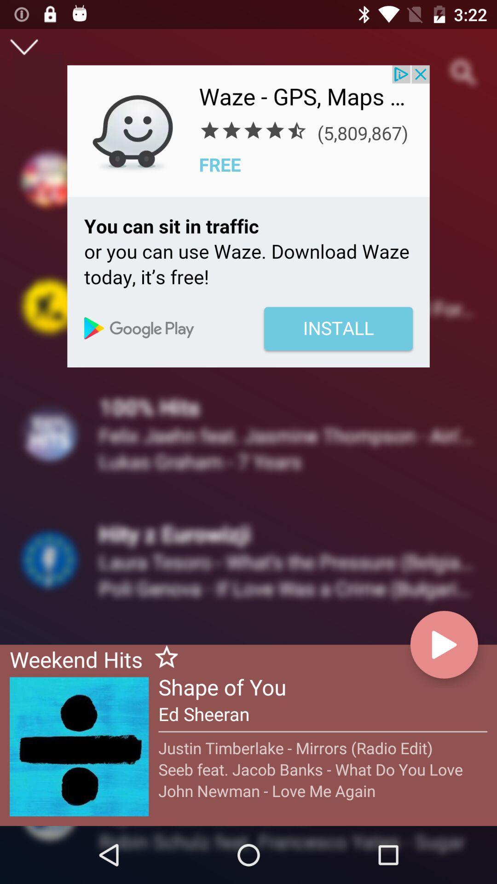 The image size is (497, 884). What do you see at coordinates (248, 215) in the screenshot?
I see `click on add` at bounding box center [248, 215].